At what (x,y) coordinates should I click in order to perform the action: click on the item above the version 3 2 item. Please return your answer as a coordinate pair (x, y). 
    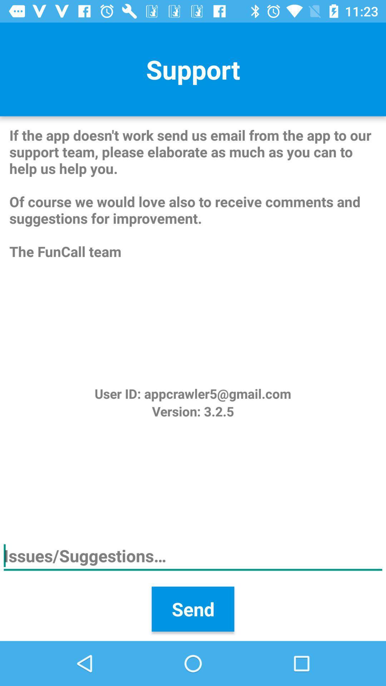
    Looking at the image, I should click on (192, 393).